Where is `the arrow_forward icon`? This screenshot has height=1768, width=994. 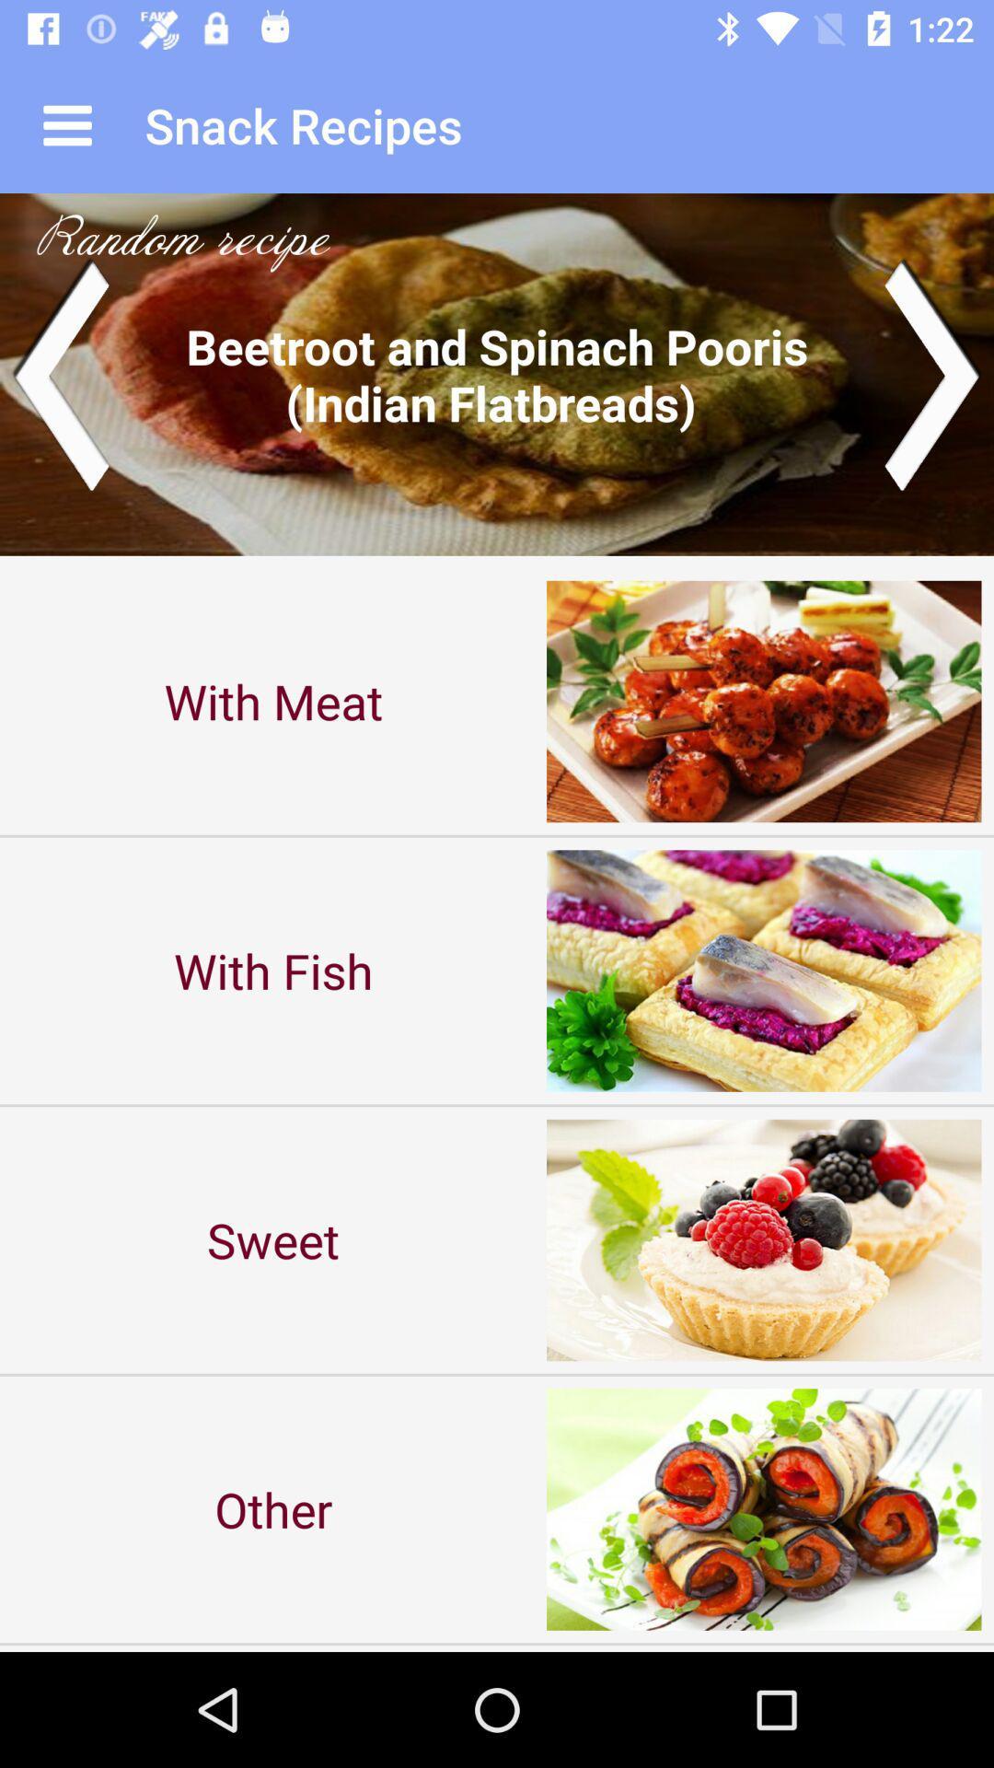
the arrow_forward icon is located at coordinates (933, 373).